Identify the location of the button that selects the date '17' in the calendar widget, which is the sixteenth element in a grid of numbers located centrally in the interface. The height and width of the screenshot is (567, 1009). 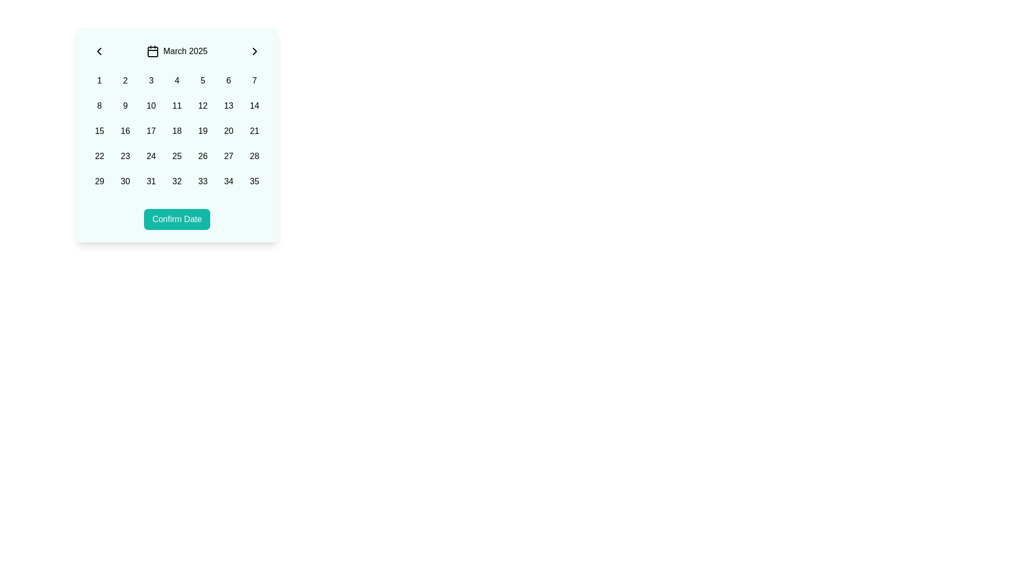
(150, 131).